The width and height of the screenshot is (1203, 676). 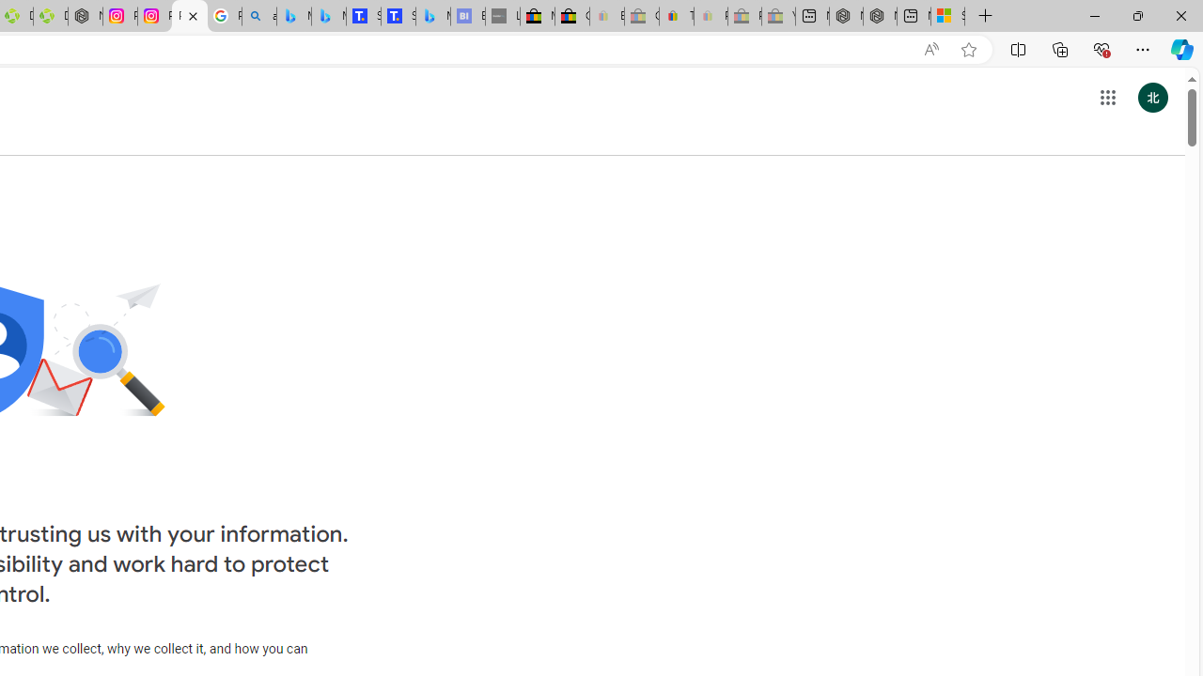 I want to click on 'alabama high school quarterback dies - Search', so click(x=258, y=16).